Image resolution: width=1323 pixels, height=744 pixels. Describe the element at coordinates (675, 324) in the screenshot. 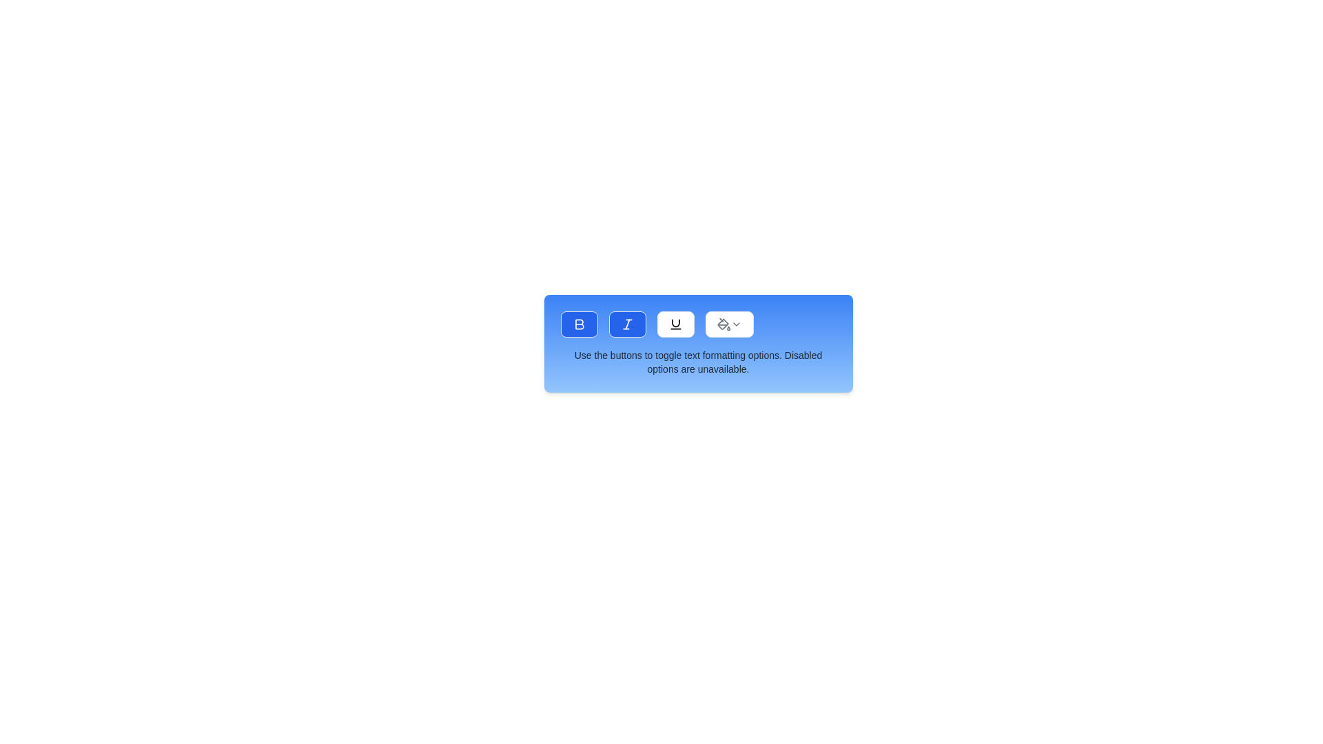

I see `the icon button resembling an underlined letter 'u' in the toolbar` at that location.